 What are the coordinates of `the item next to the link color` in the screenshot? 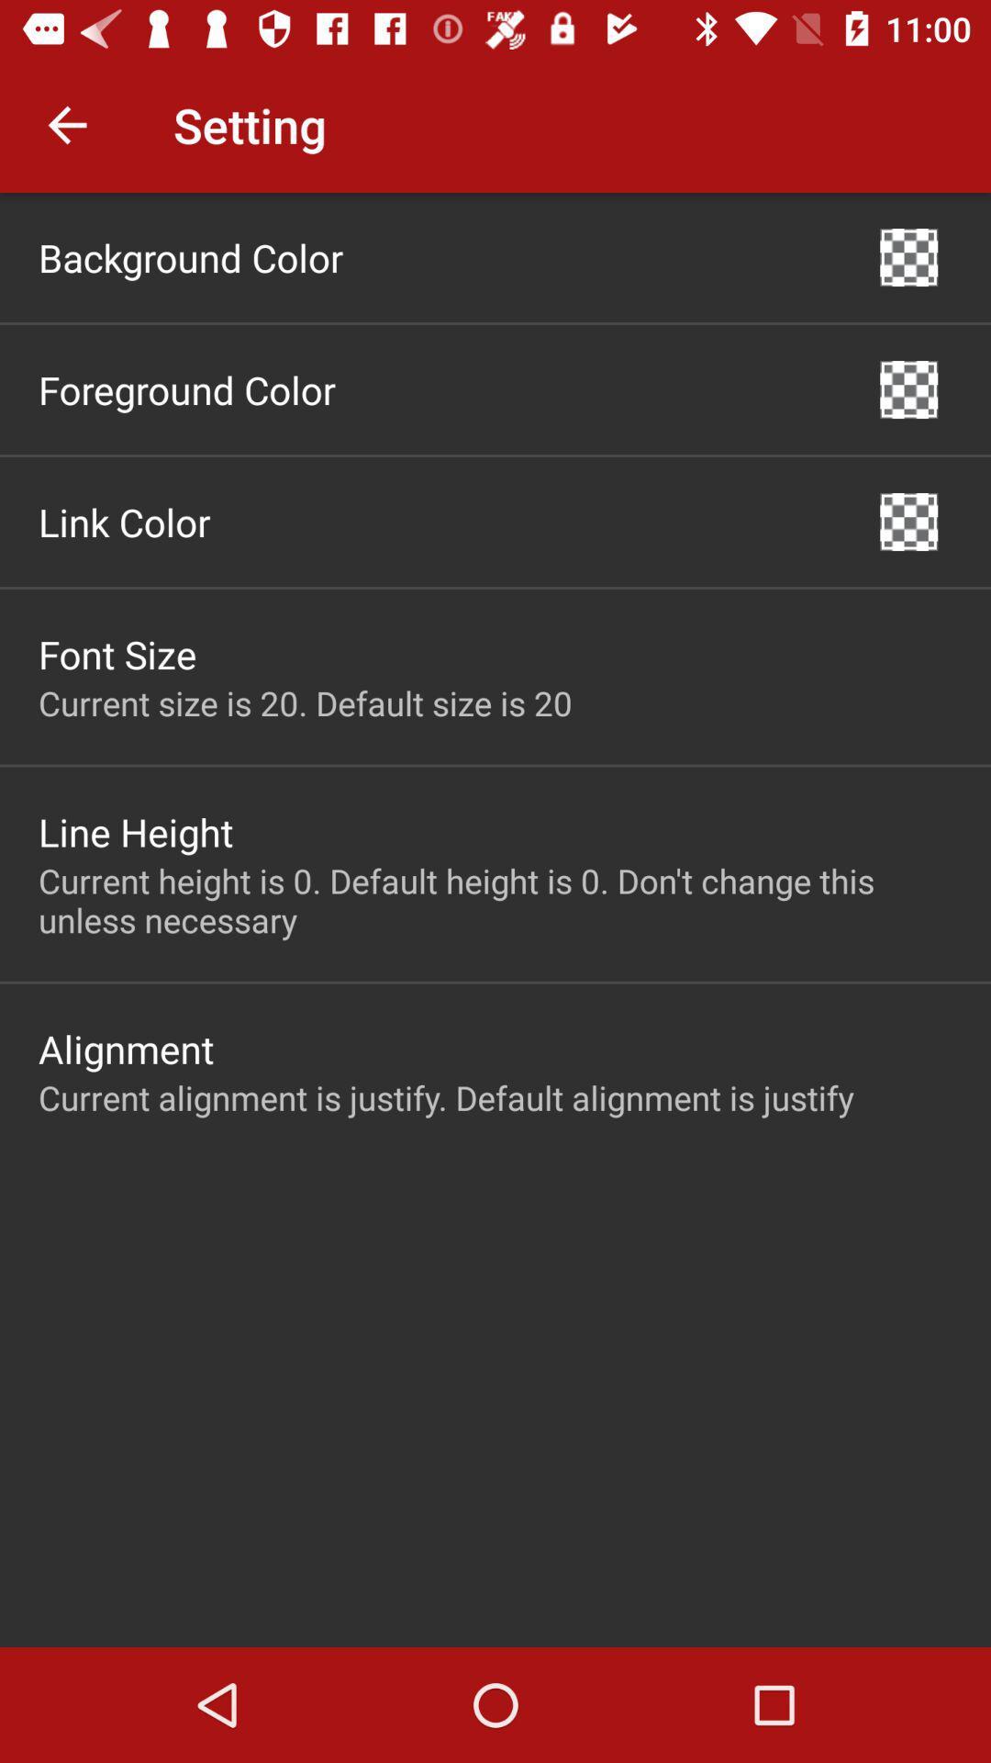 It's located at (908, 521).